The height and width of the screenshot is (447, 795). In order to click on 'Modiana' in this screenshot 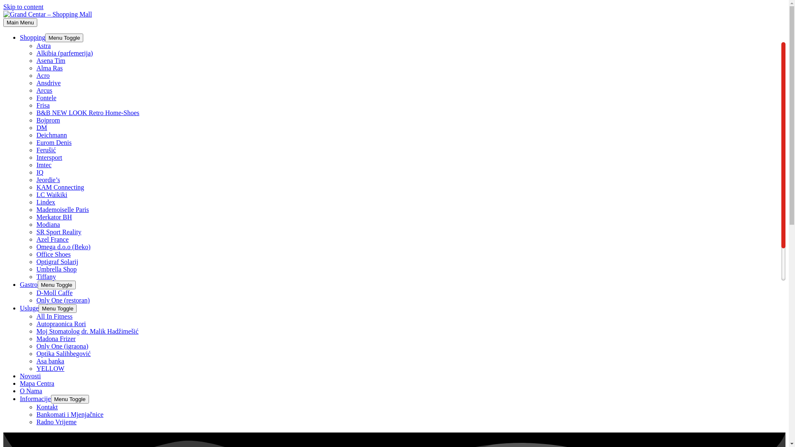, I will do `click(48, 224)`.